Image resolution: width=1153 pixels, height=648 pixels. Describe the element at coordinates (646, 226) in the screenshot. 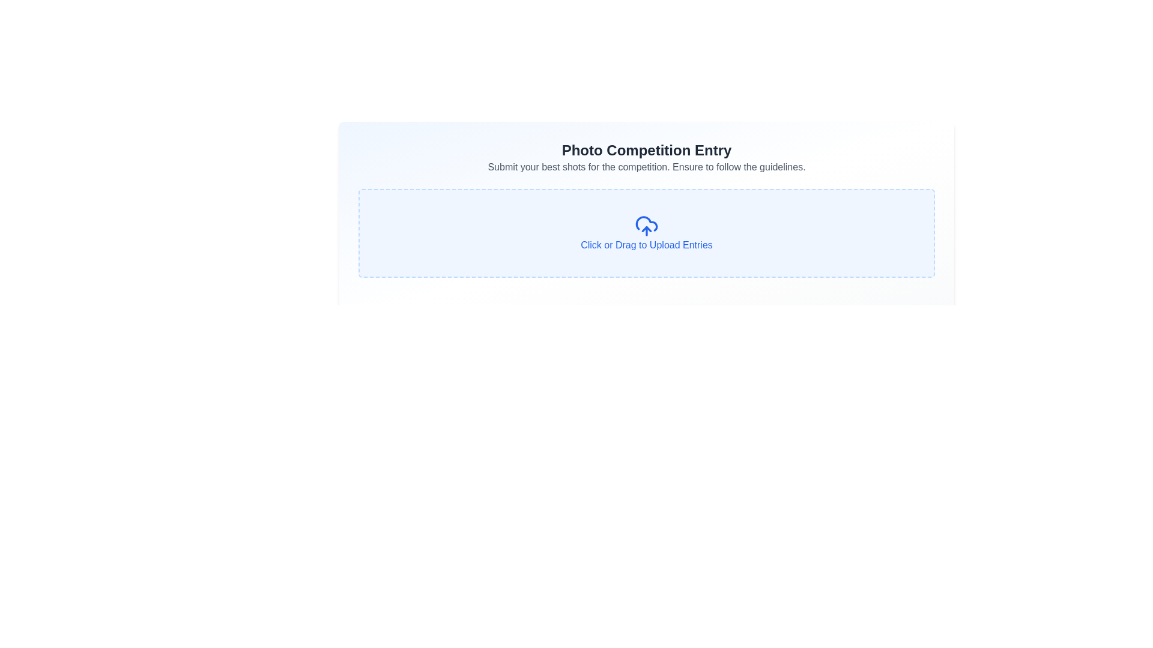

I see `the cloud-shaped upload icon with a blue color and an upwards arrow, which is located within the 'Click or Drag to Upload Entries' area` at that location.